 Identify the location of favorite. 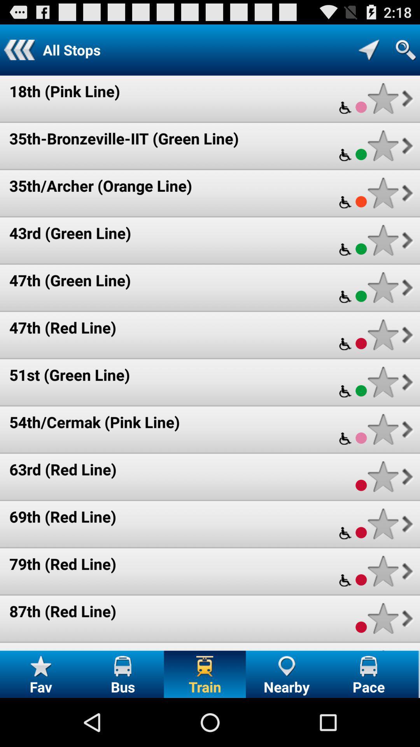
(383, 98).